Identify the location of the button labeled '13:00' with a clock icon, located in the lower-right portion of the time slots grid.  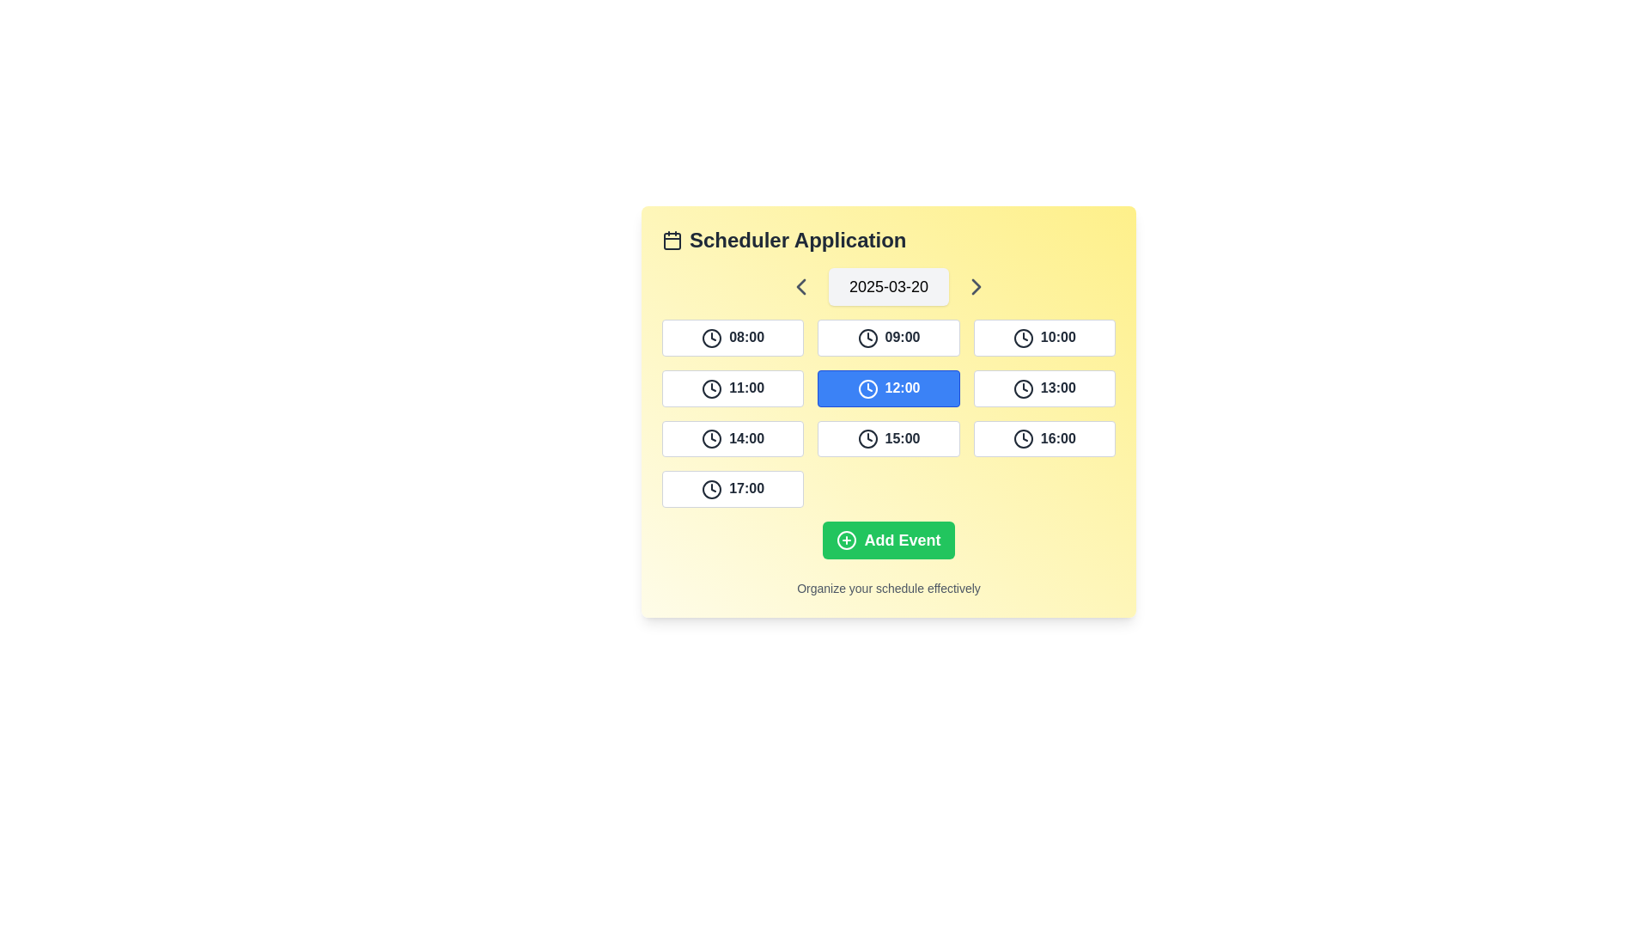
(1044, 388).